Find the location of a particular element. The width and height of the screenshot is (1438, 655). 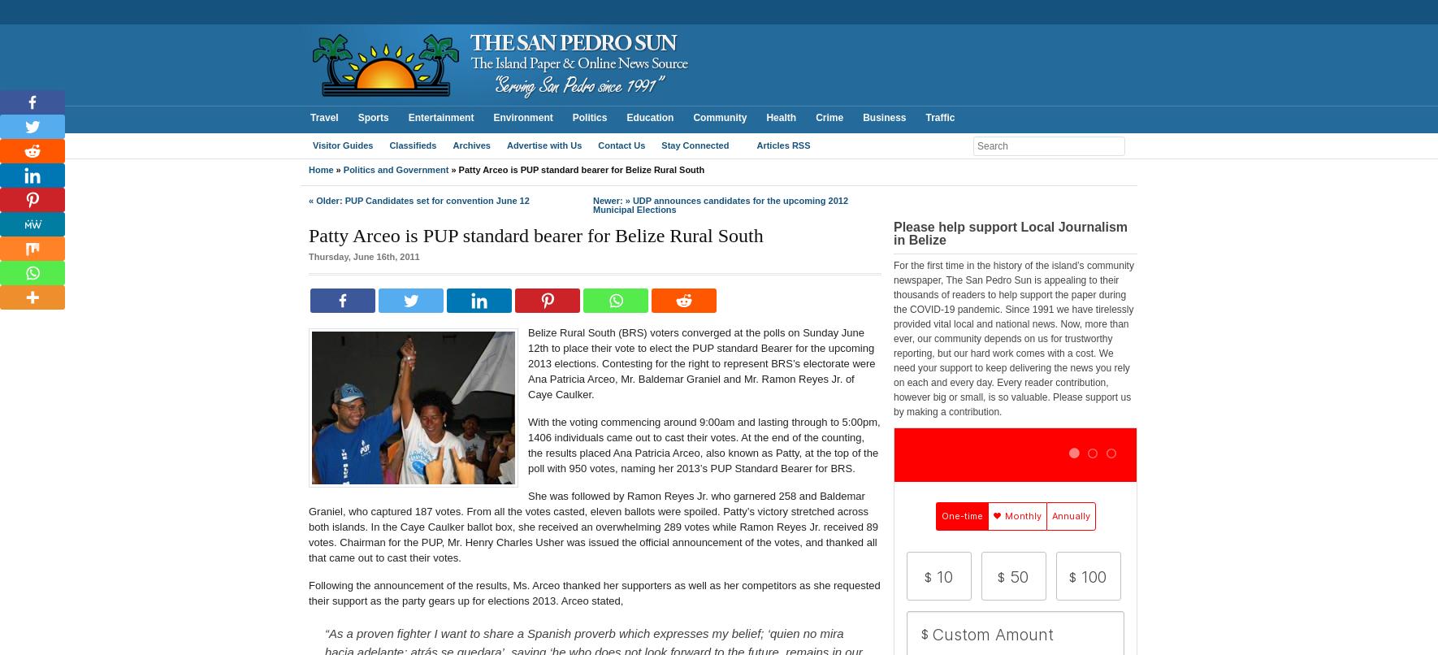

'Visitor Guides' is located at coordinates (311, 145).